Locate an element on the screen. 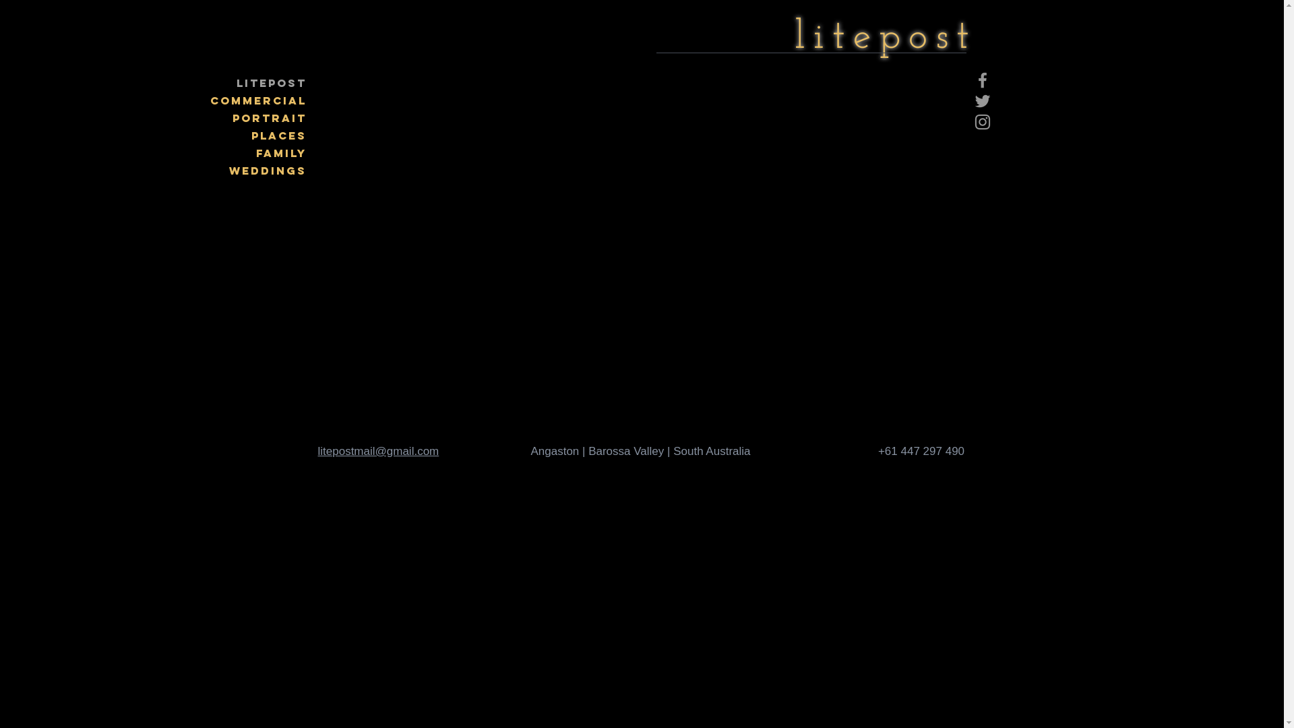 This screenshot has height=728, width=1294. 'litepost' is located at coordinates (885, 37).